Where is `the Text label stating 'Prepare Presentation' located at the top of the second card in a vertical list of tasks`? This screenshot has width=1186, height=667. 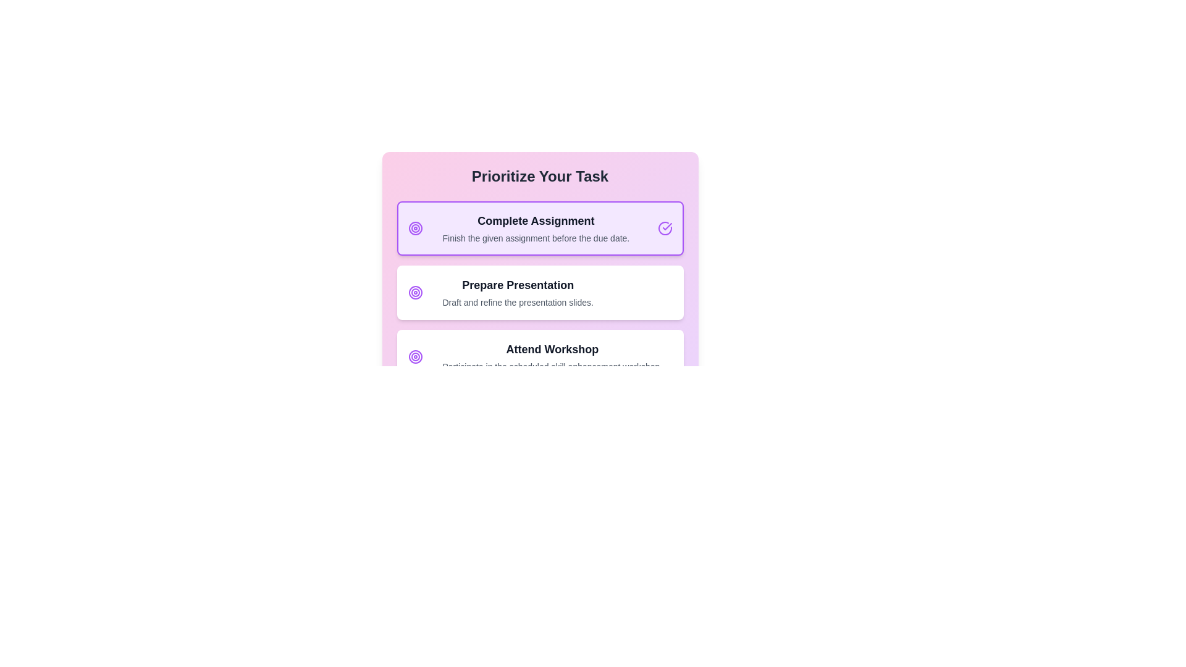
the Text label stating 'Prepare Presentation' located at the top of the second card in a vertical list of tasks is located at coordinates (518, 285).